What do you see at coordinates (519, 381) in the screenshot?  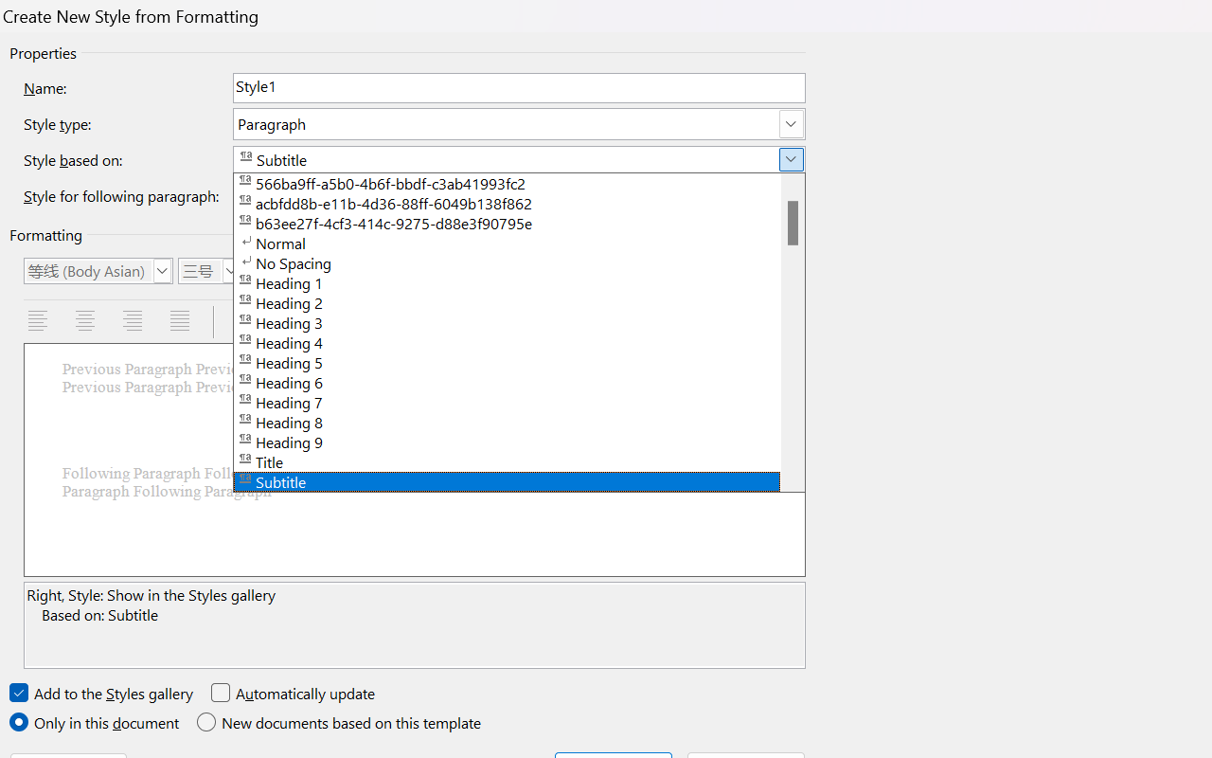 I see `'Heading 6'` at bounding box center [519, 381].